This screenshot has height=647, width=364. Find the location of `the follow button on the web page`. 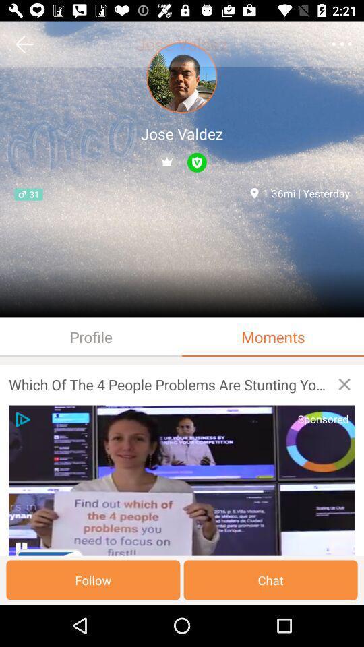

the follow button on the web page is located at coordinates (92, 580).